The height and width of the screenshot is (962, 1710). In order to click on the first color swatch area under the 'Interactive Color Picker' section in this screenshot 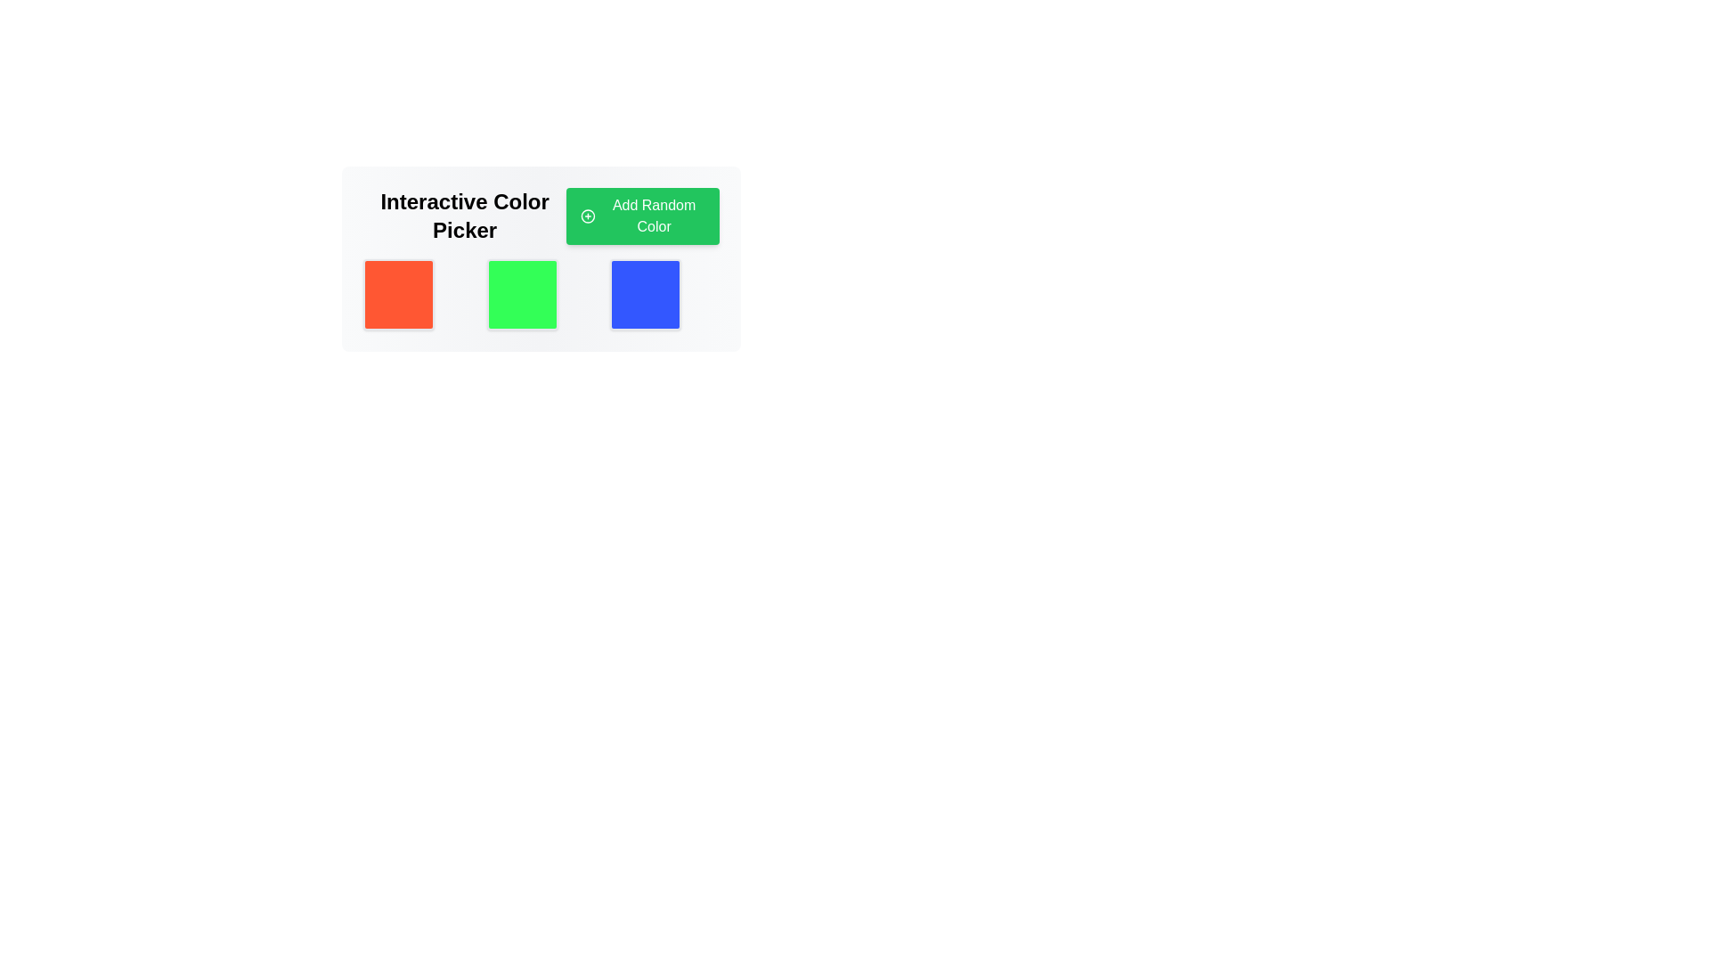, I will do `click(397, 294)`.